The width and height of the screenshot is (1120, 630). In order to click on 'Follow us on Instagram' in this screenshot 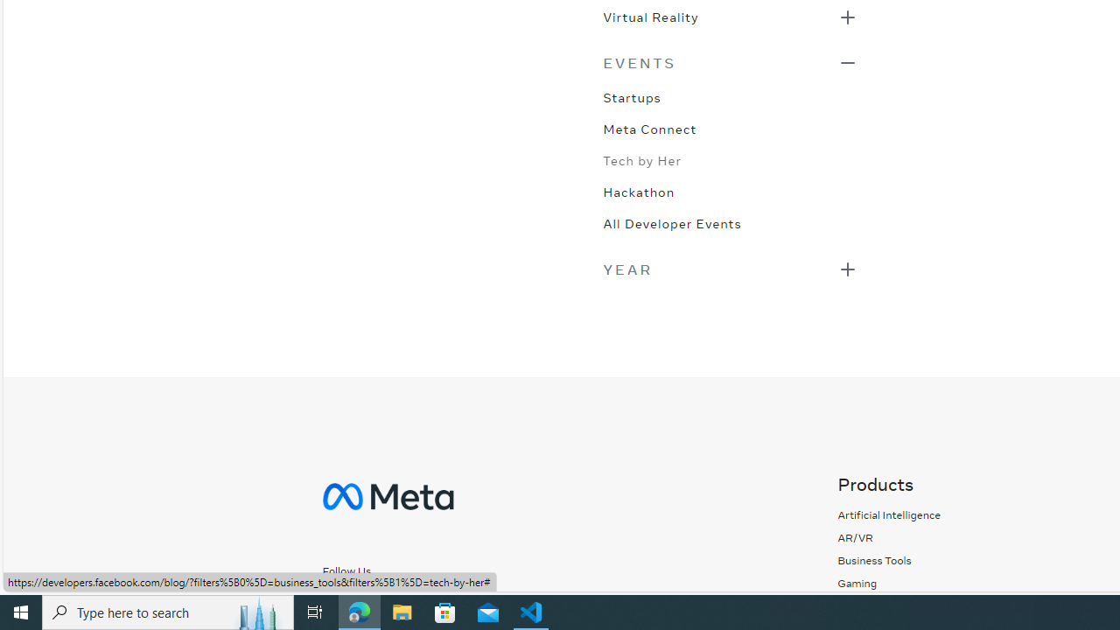, I will do `click(370, 600)`.